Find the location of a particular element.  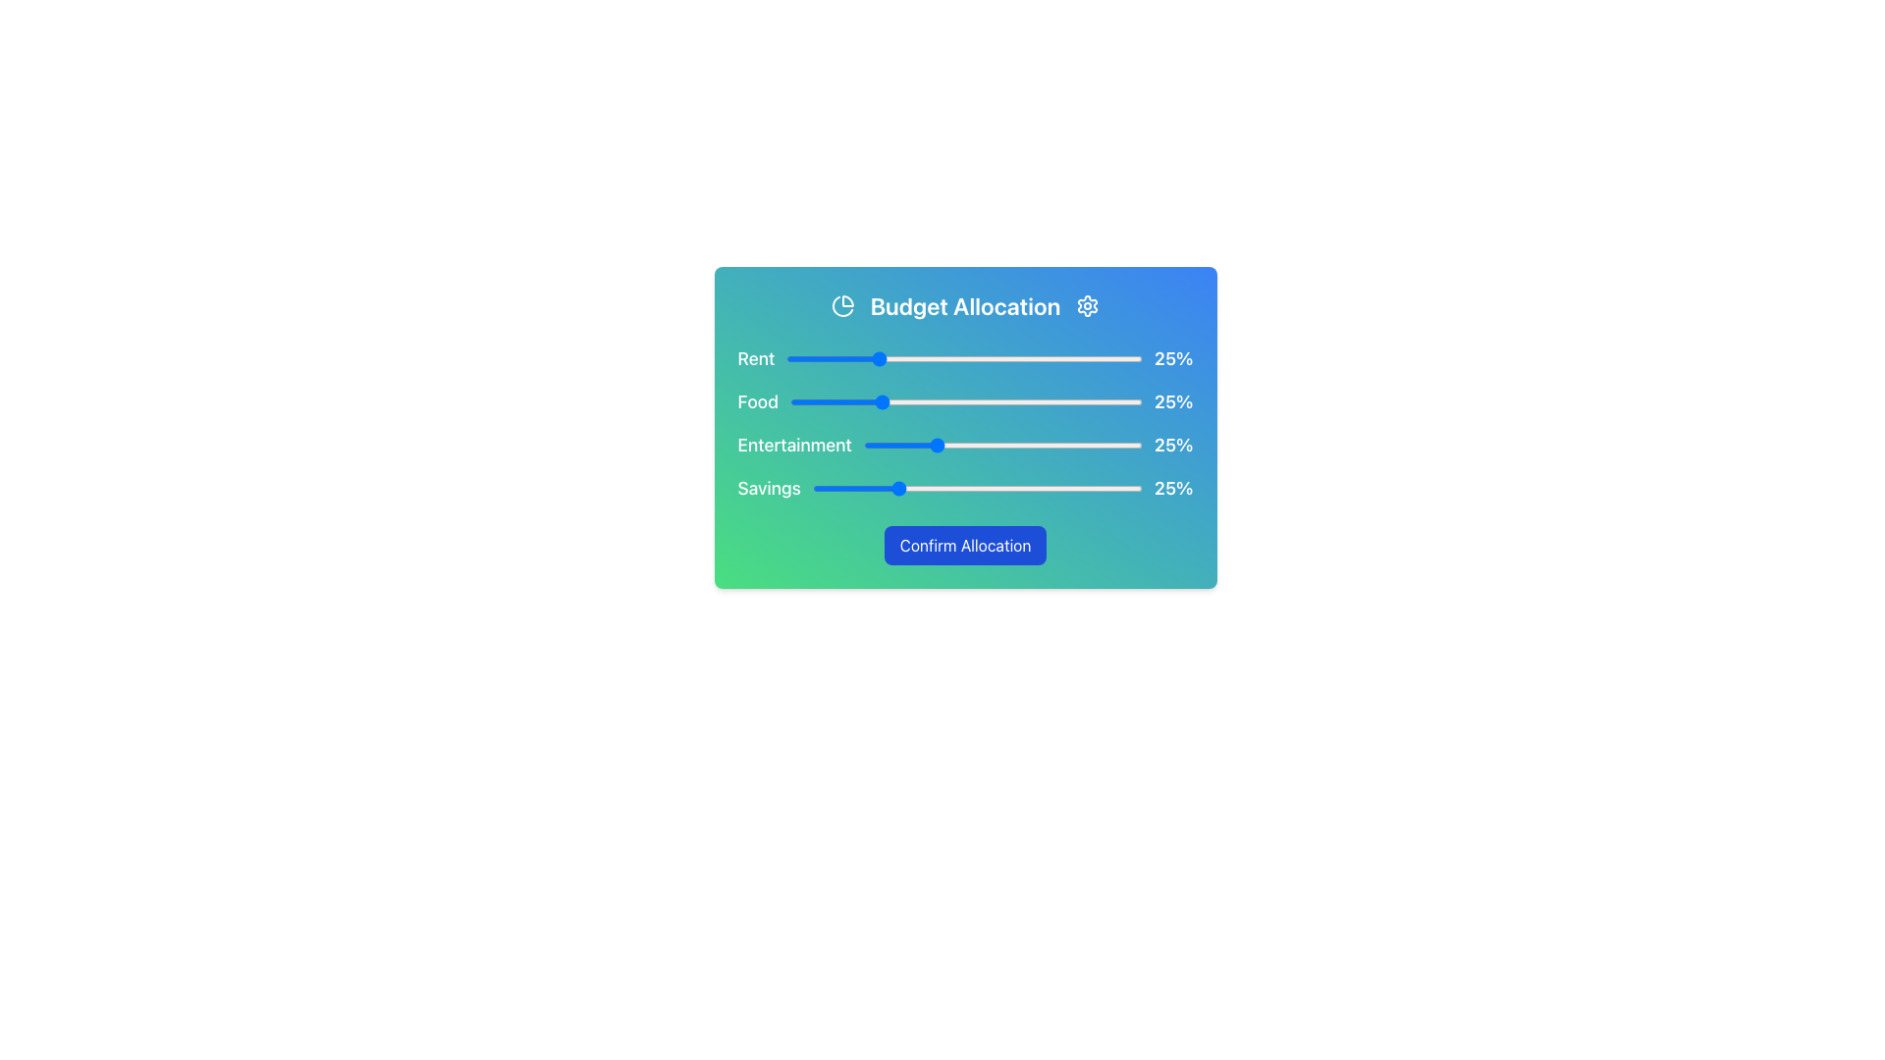

the settings icon located at the rightmost side of the title bar labeled 'Budget Allocation' is located at coordinates (1087, 306).